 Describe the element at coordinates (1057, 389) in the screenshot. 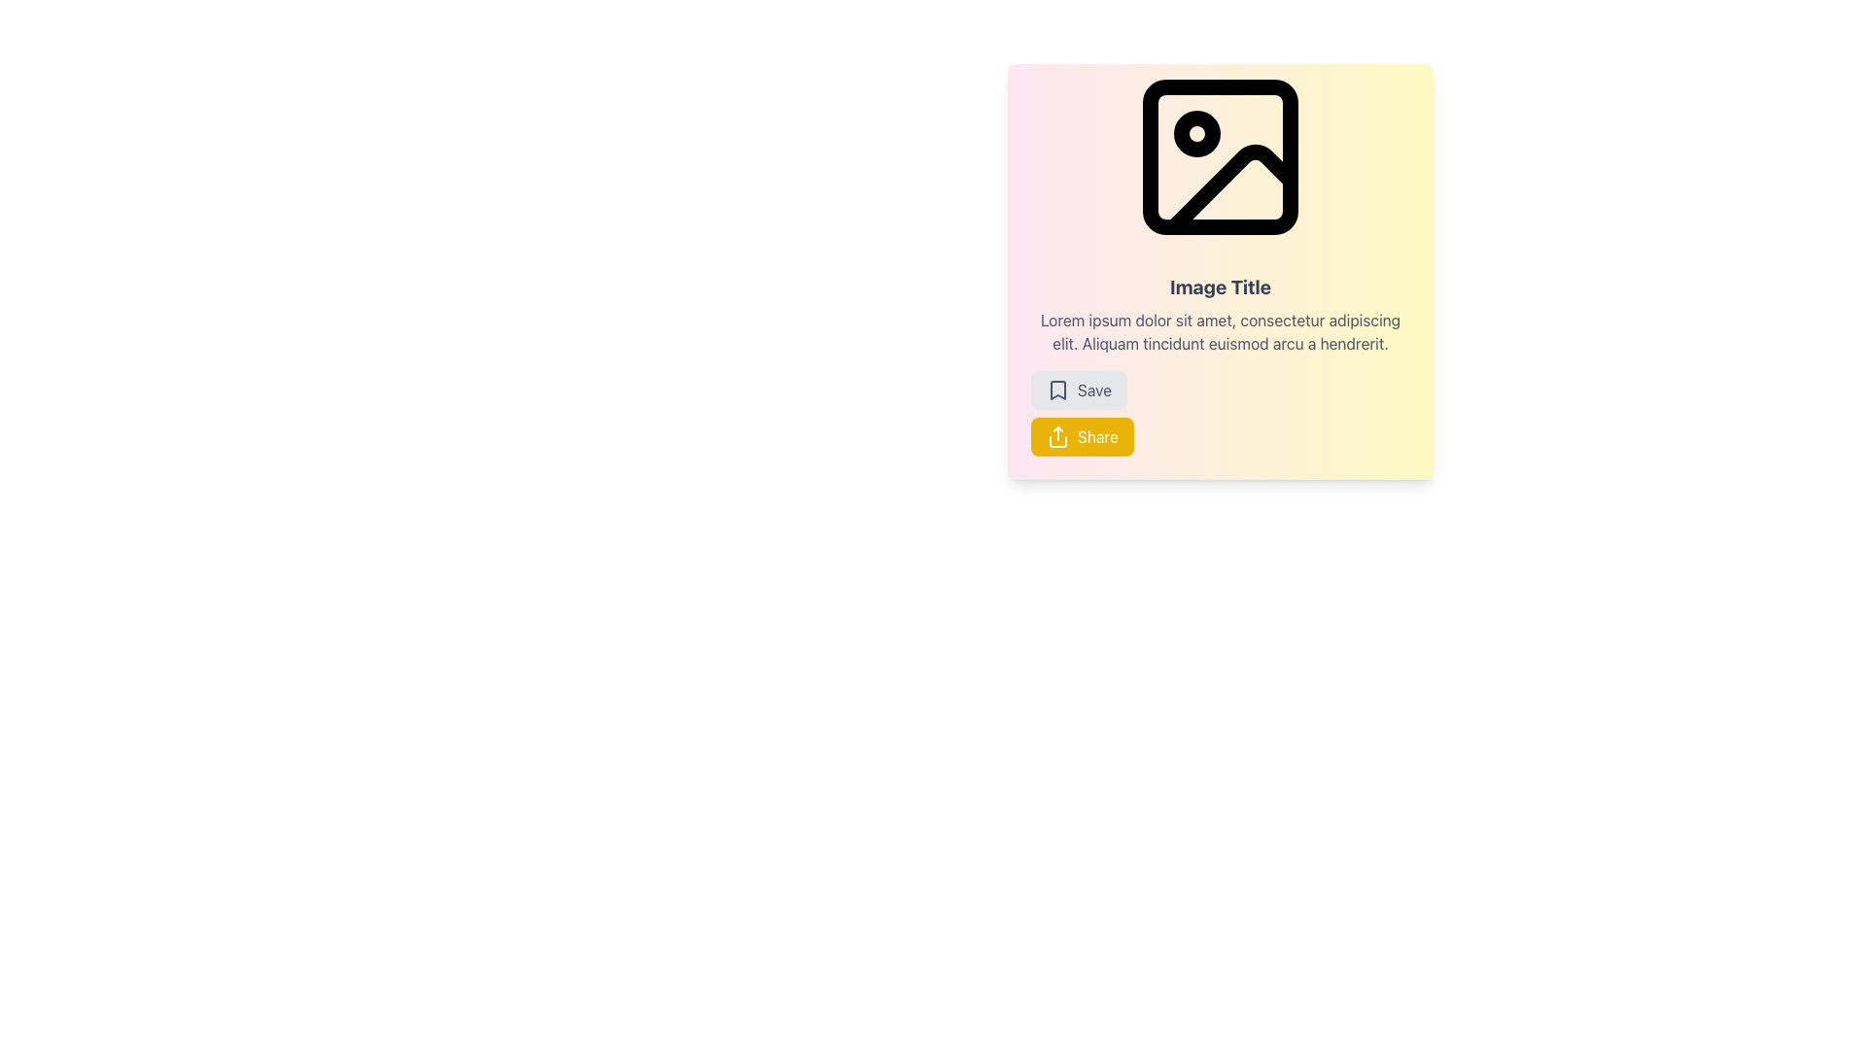

I see `the bookmark icon located on the left side of the 'Save' button` at that location.